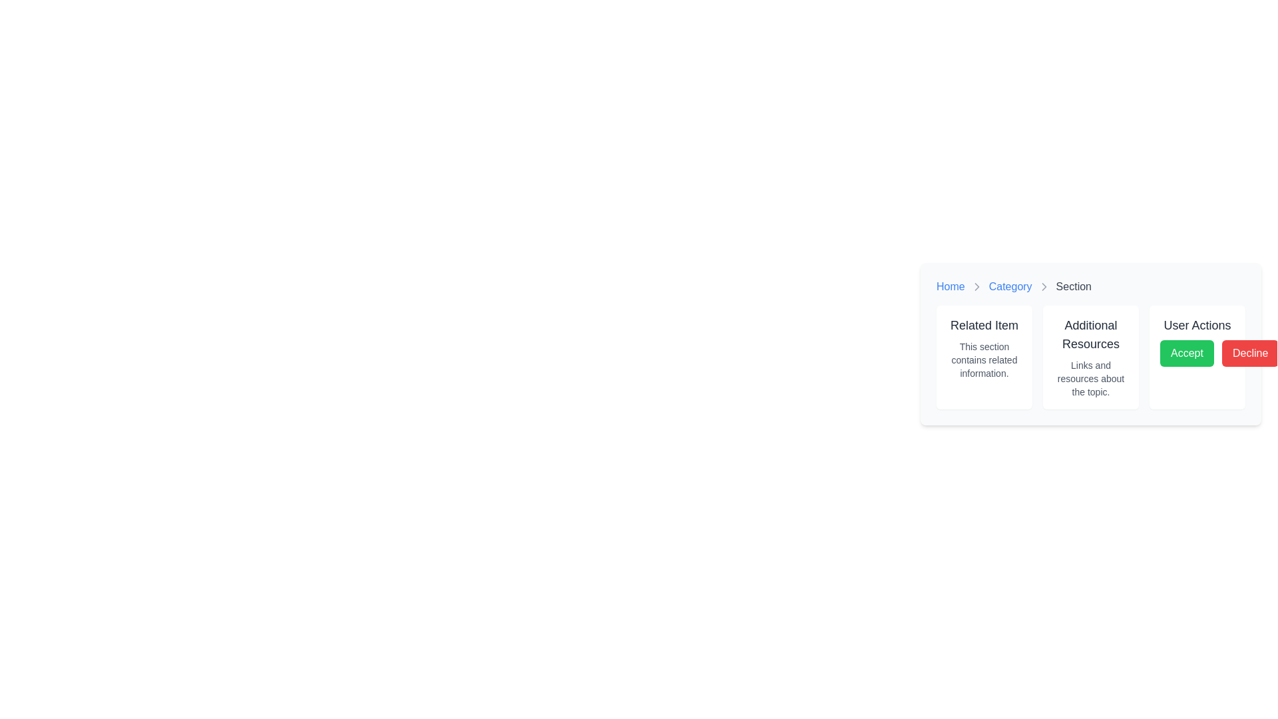  Describe the element at coordinates (1090, 356) in the screenshot. I see `the 'Additional Resources' Information Card, which is a rectangular card with a white background and rounded corners, located in the middle of a grid of three cards` at that location.